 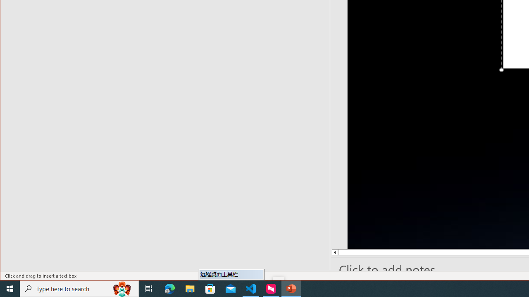 What do you see at coordinates (169, 288) in the screenshot?
I see `'Microsoft Edge'` at bounding box center [169, 288].